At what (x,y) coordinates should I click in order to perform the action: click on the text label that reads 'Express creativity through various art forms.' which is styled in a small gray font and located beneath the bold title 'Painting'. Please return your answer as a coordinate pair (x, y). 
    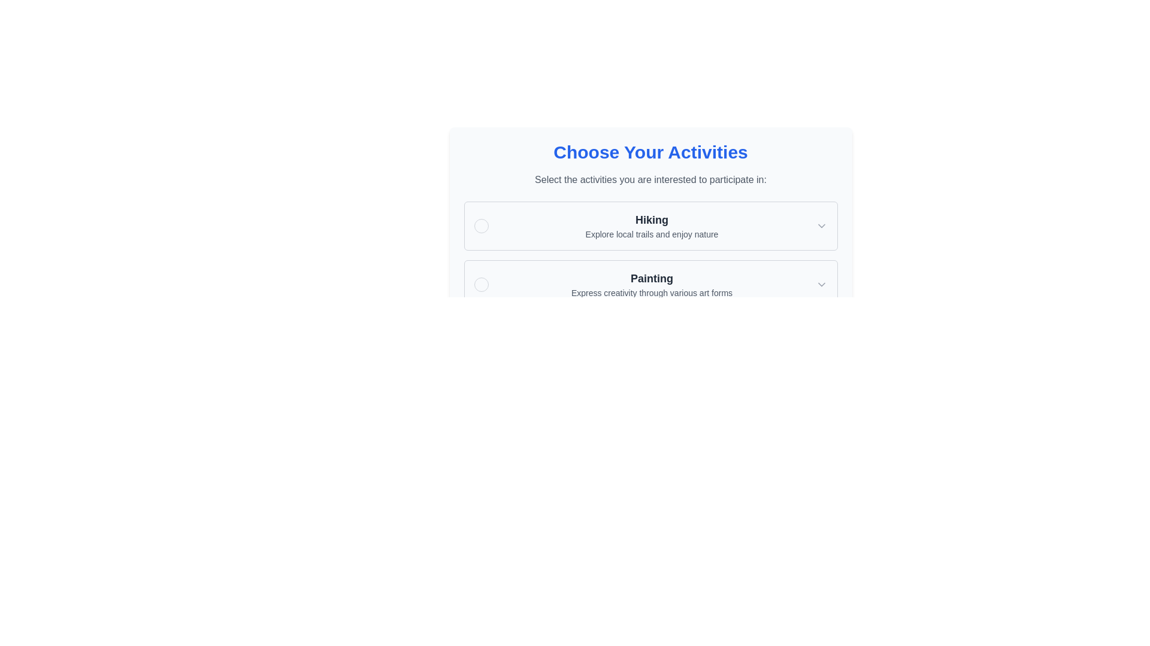
    Looking at the image, I should click on (651, 292).